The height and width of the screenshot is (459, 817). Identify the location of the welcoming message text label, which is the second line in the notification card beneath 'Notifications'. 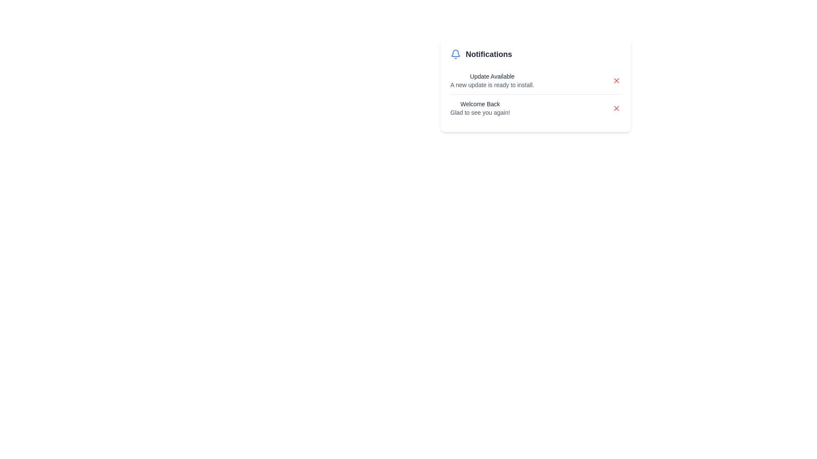
(480, 112).